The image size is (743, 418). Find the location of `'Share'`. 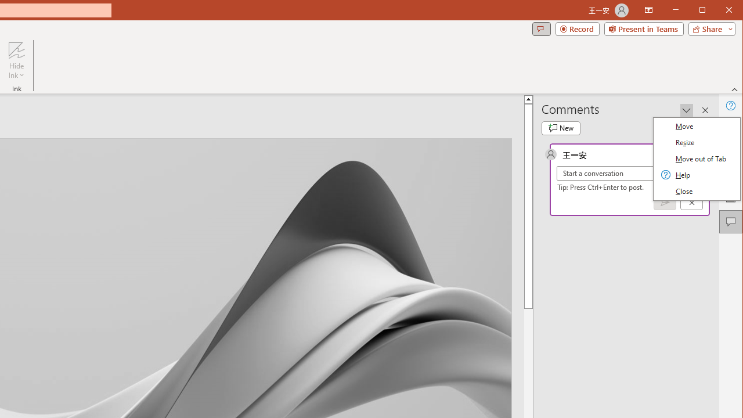

'Share' is located at coordinates (709, 28).